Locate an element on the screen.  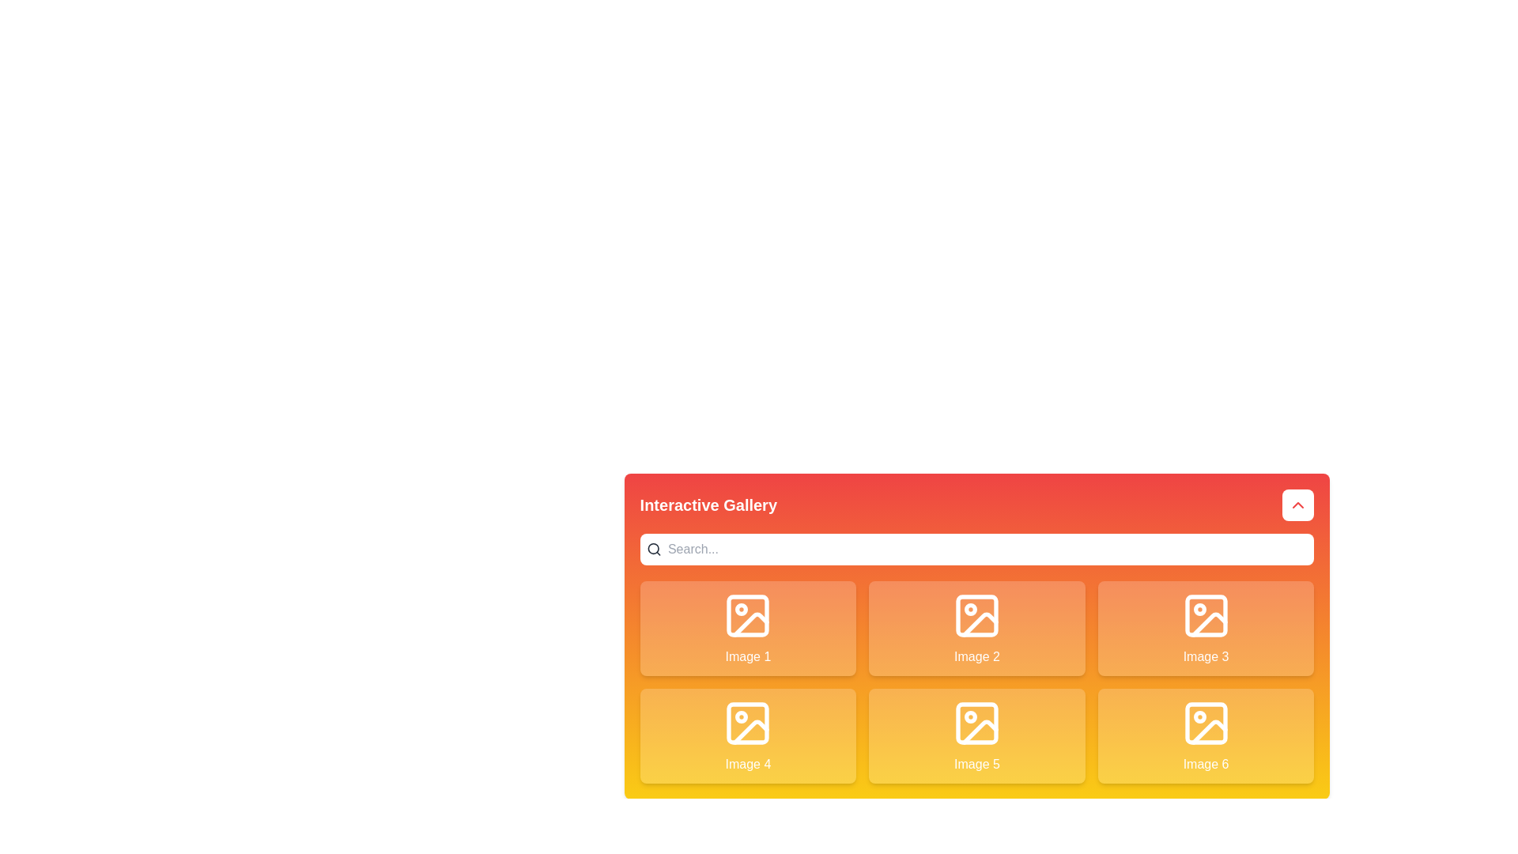
the square icon with rounded corners that represents an image placeholder in the card labeled 'Image 1' in the top row of the grid layout is located at coordinates (747, 615).